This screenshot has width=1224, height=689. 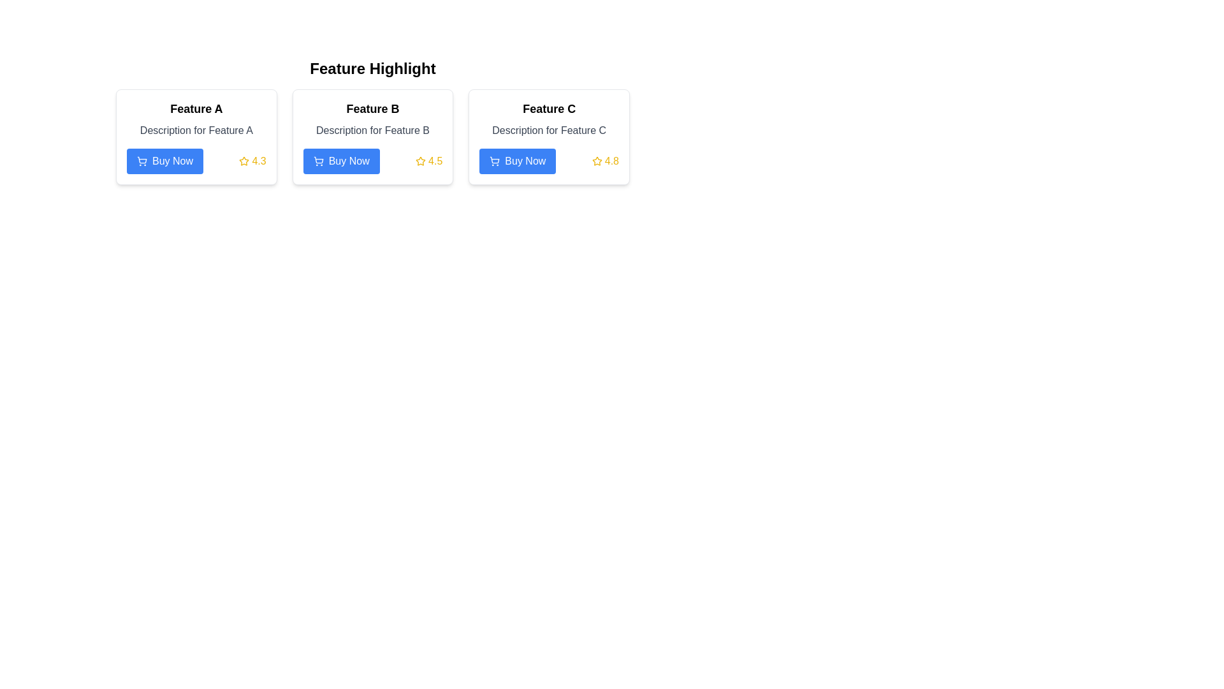 I want to click on the shopping cart icon within the 'Buy Now' button on the card labeled 'Feature C', which is the third icon from the left, so click(x=494, y=161).